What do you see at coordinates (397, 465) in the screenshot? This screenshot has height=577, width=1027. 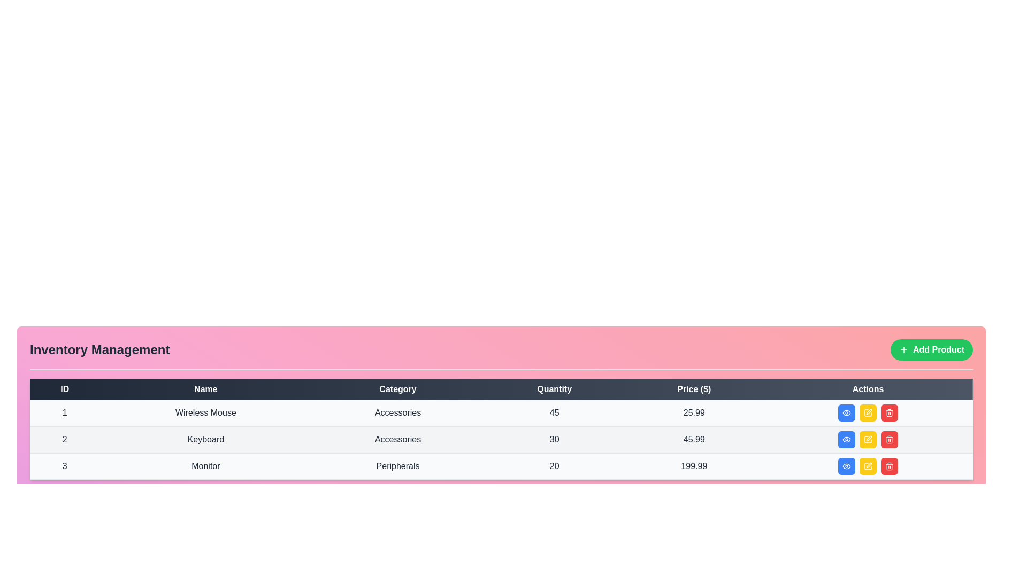 I see `displayed text from the 'Peripherals' text label located in the 'Category' column of the third row in the table, adjacent to the 'Monitor' entry` at bounding box center [397, 465].